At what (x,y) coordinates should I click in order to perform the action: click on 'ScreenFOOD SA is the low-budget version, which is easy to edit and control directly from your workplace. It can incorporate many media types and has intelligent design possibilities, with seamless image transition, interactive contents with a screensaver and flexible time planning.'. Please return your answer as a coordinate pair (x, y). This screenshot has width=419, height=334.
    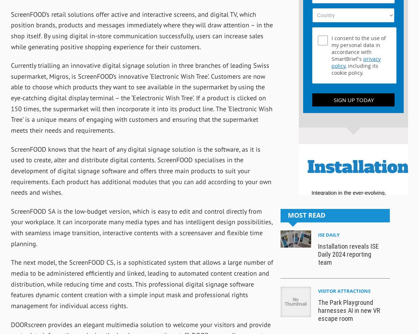
    Looking at the image, I should click on (141, 227).